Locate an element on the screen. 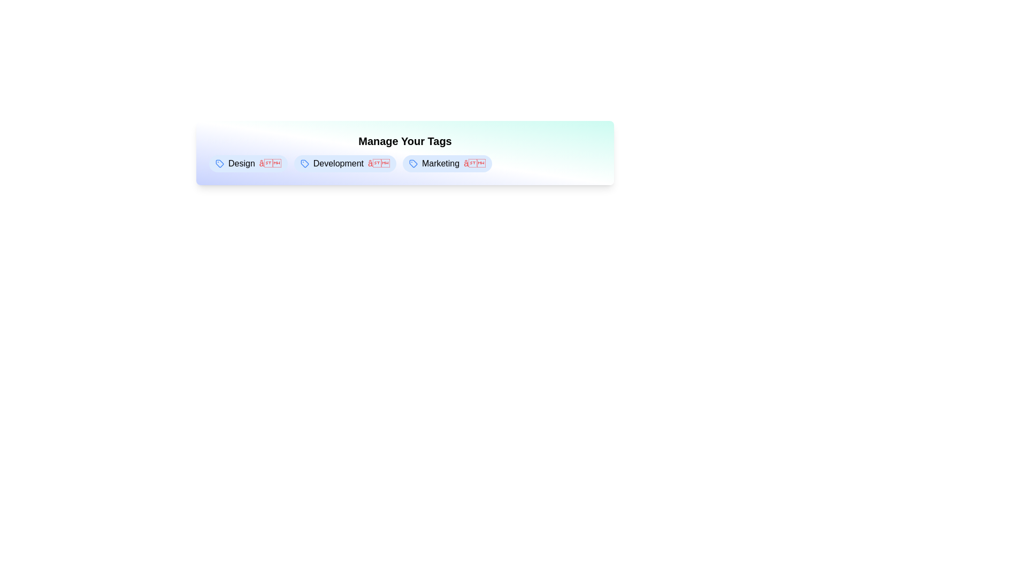 Image resolution: width=1027 pixels, height=578 pixels. remove button next to the tag labeled Design is located at coordinates (270, 163).